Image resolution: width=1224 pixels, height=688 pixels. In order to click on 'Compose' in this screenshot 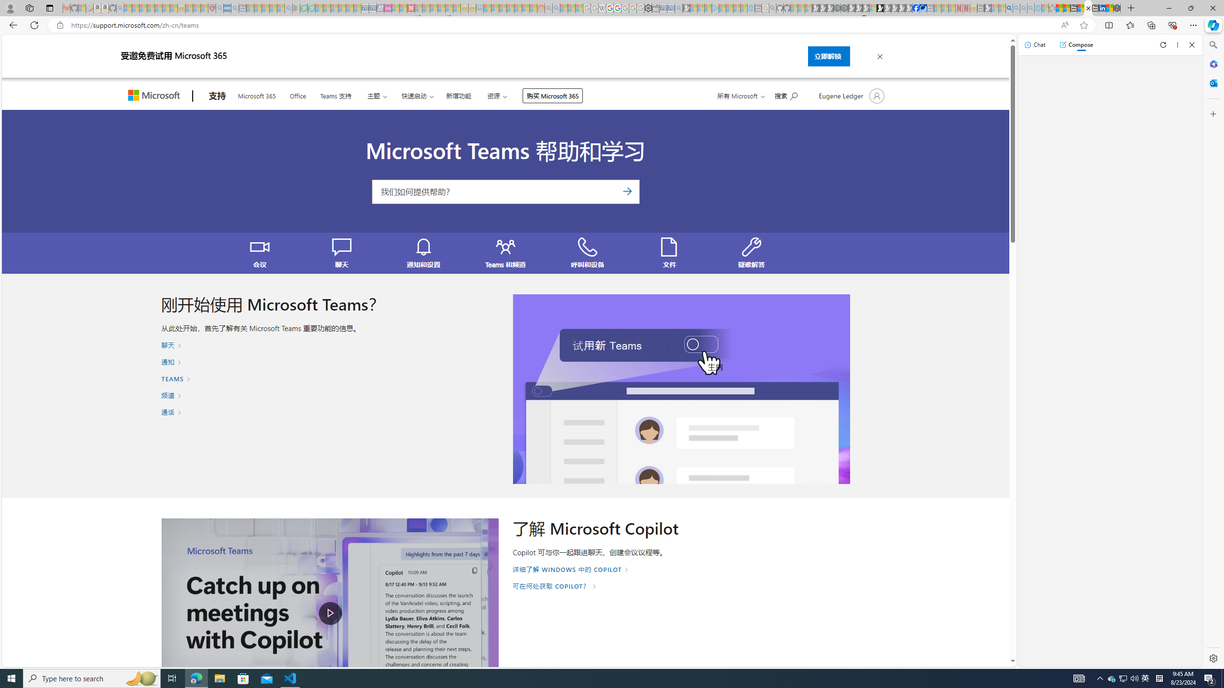, I will do `click(1076, 44)`.